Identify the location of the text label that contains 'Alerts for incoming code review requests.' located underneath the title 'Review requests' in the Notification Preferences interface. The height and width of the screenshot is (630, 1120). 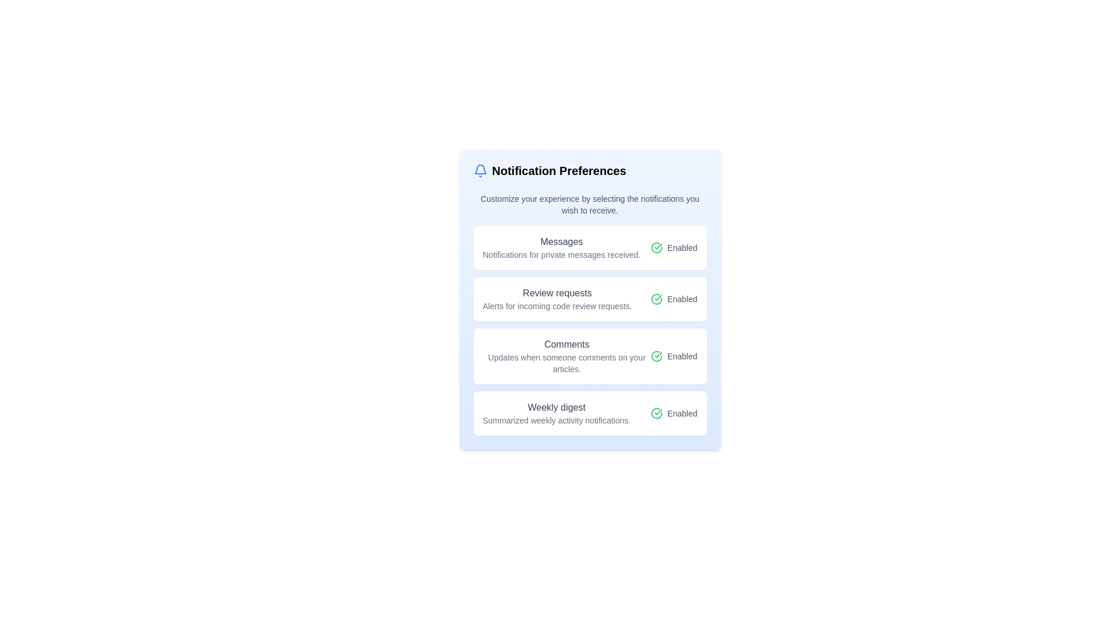
(556, 305).